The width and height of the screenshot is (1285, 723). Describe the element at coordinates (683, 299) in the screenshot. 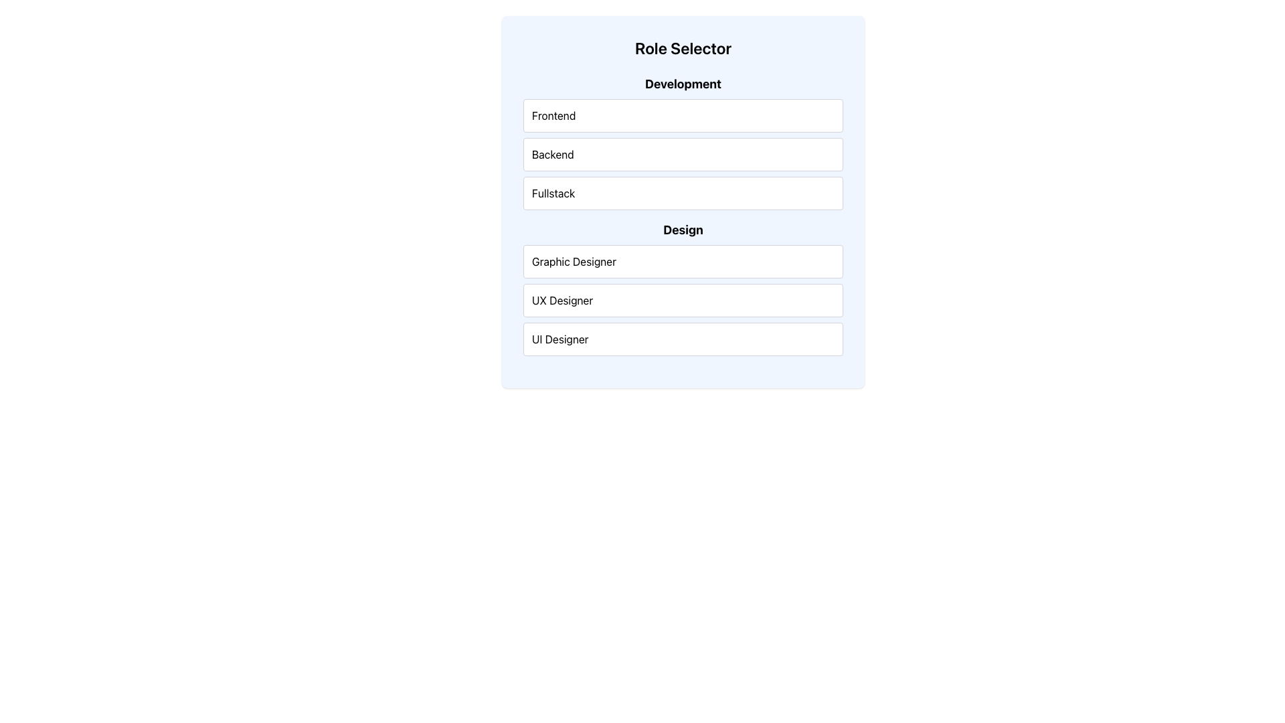

I see `the second selectable option in the 'Design' group to choose the 'UX Designer' role` at that location.